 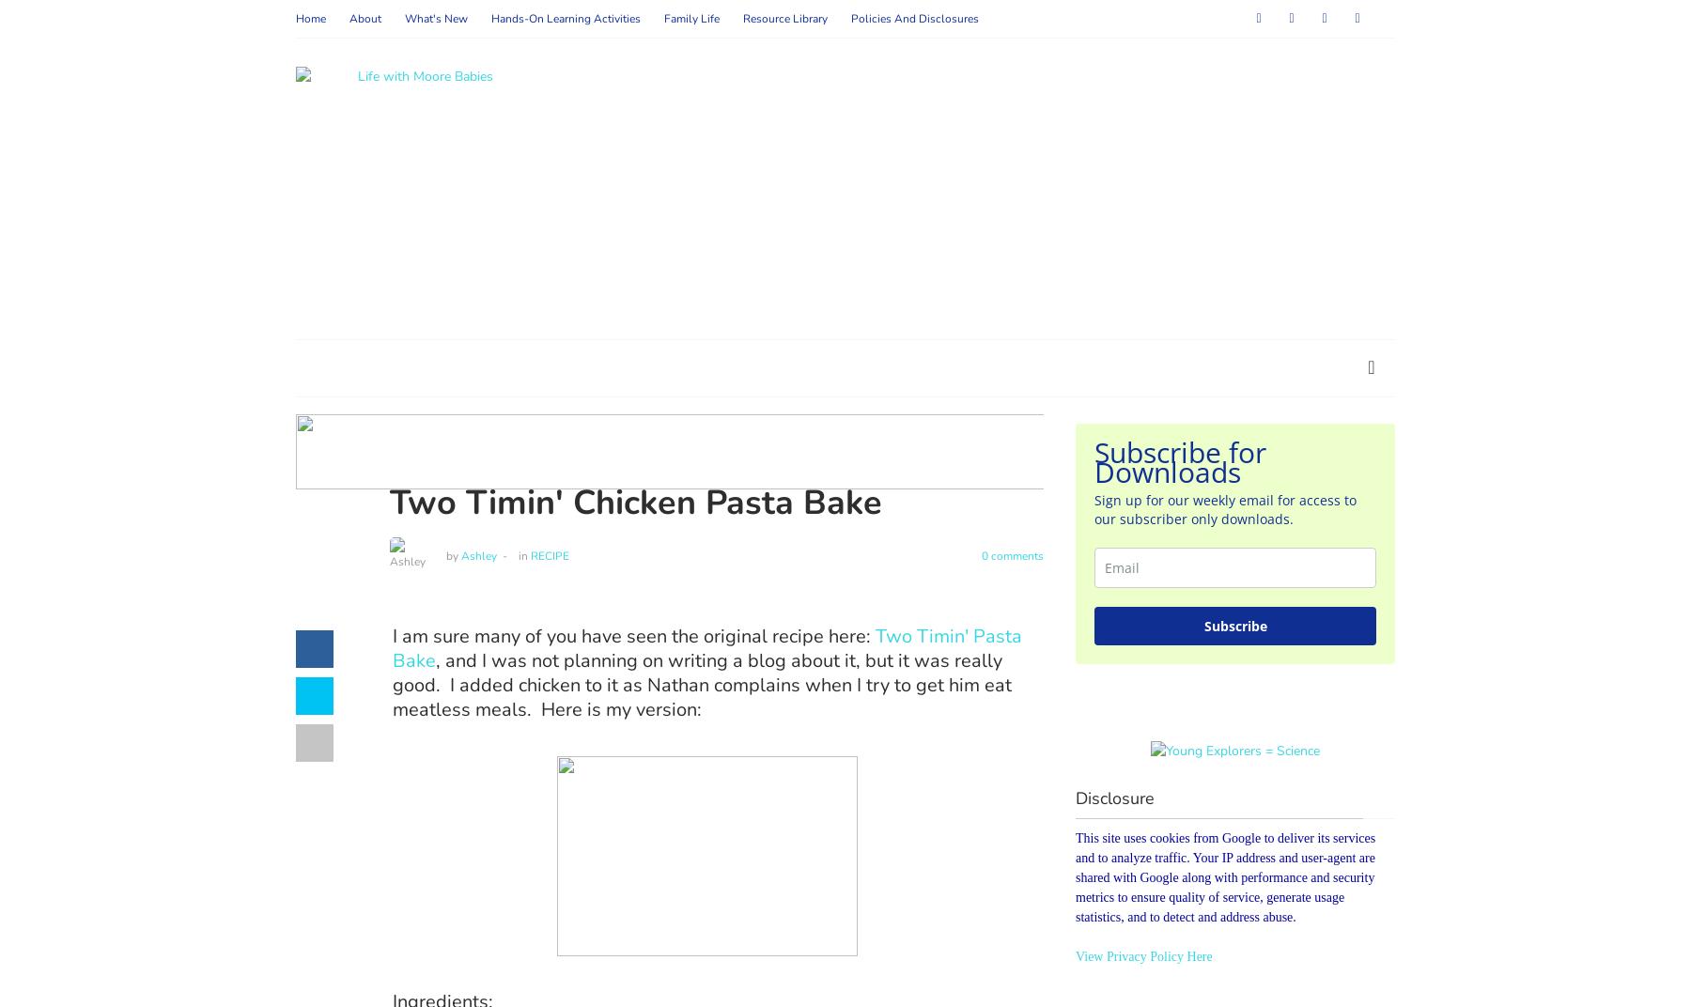 I want to click on 'What's New', so click(x=404, y=18).